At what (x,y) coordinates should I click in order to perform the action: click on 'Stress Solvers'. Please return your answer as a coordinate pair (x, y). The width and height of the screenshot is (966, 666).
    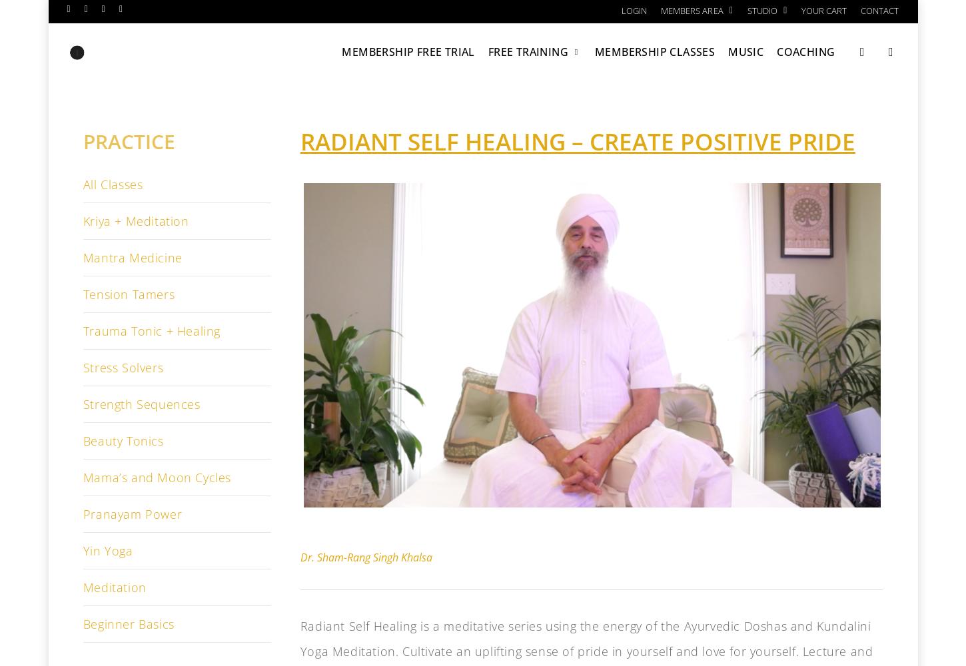
    Looking at the image, I should click on (122, 368).